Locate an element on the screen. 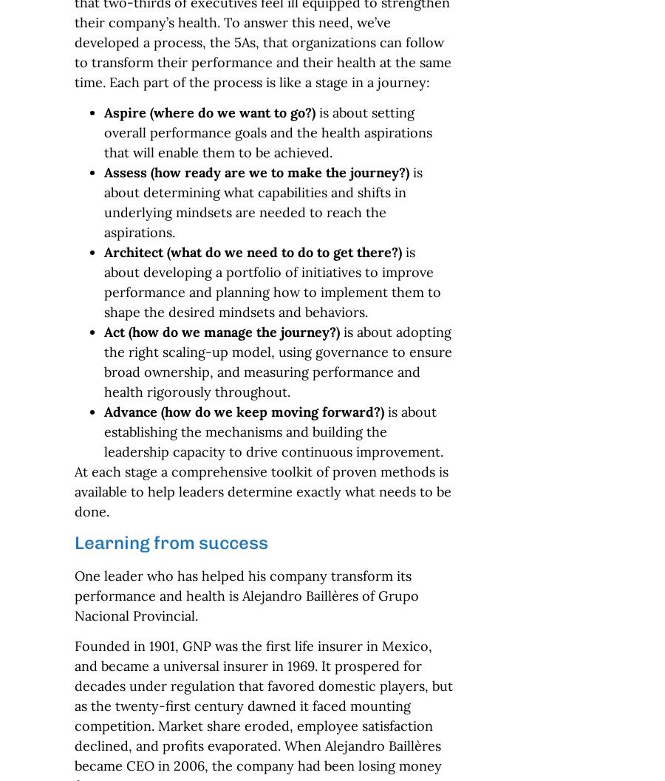 The width and height of the screenshot is (665, 781). 'Architect (what do we need to do to get there?)' is located at coordinates (252, 252).